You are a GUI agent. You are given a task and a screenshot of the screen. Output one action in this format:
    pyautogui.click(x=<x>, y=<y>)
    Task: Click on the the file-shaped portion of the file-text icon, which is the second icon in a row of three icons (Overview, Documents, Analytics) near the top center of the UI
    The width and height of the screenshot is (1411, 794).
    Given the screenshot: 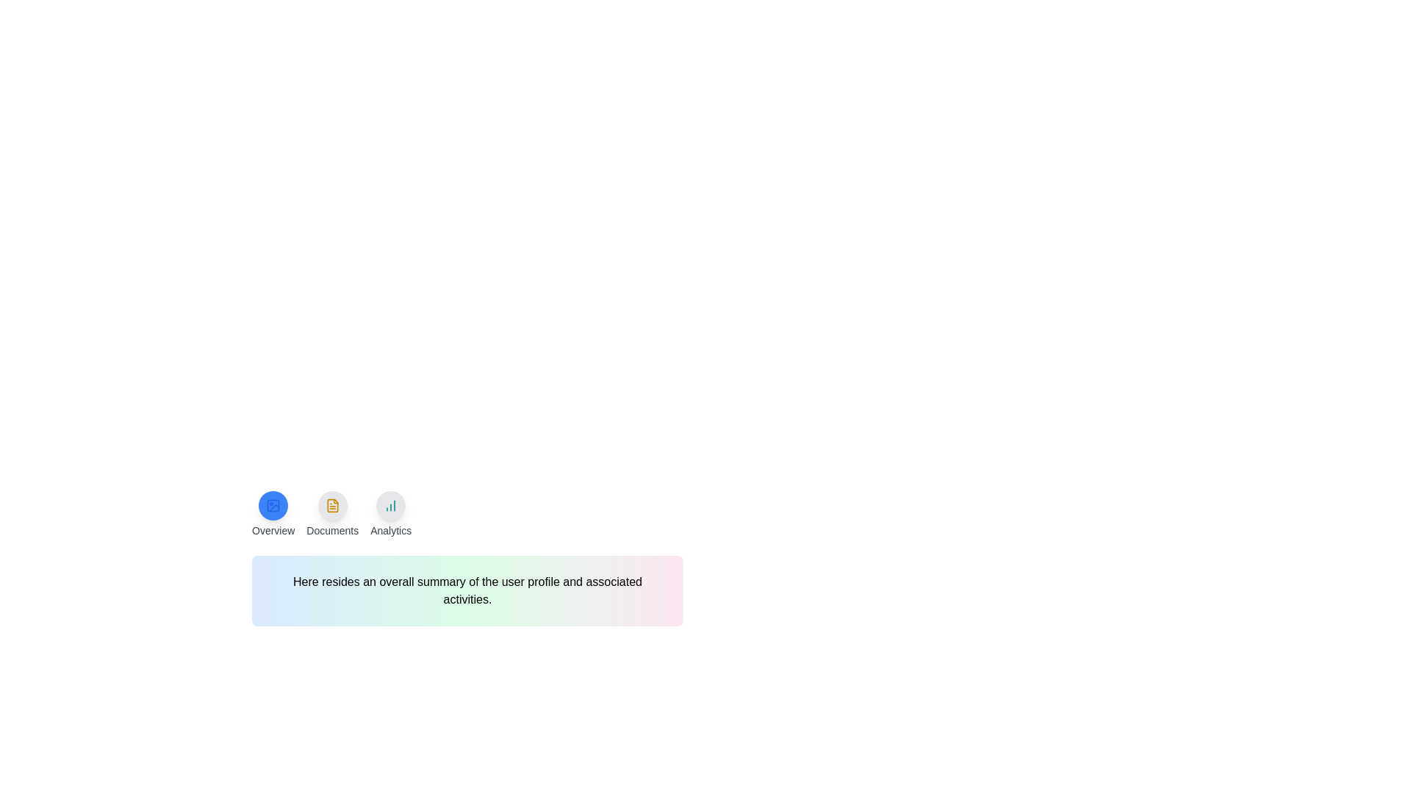 What is the action you would take?
    pyautogui.click(x=331, y=504)
    